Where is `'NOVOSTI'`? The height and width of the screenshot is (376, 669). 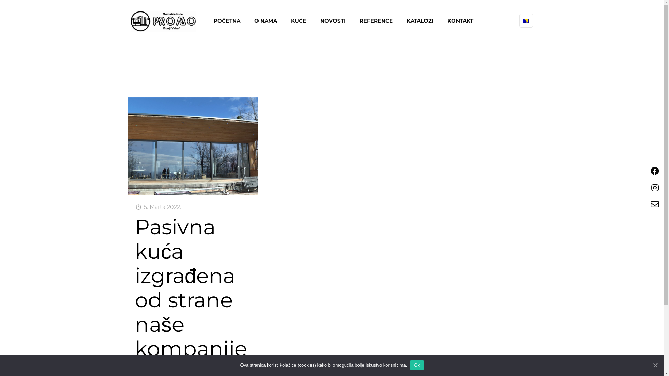 'NOVOSTI' is located at coordinates (332, 21).